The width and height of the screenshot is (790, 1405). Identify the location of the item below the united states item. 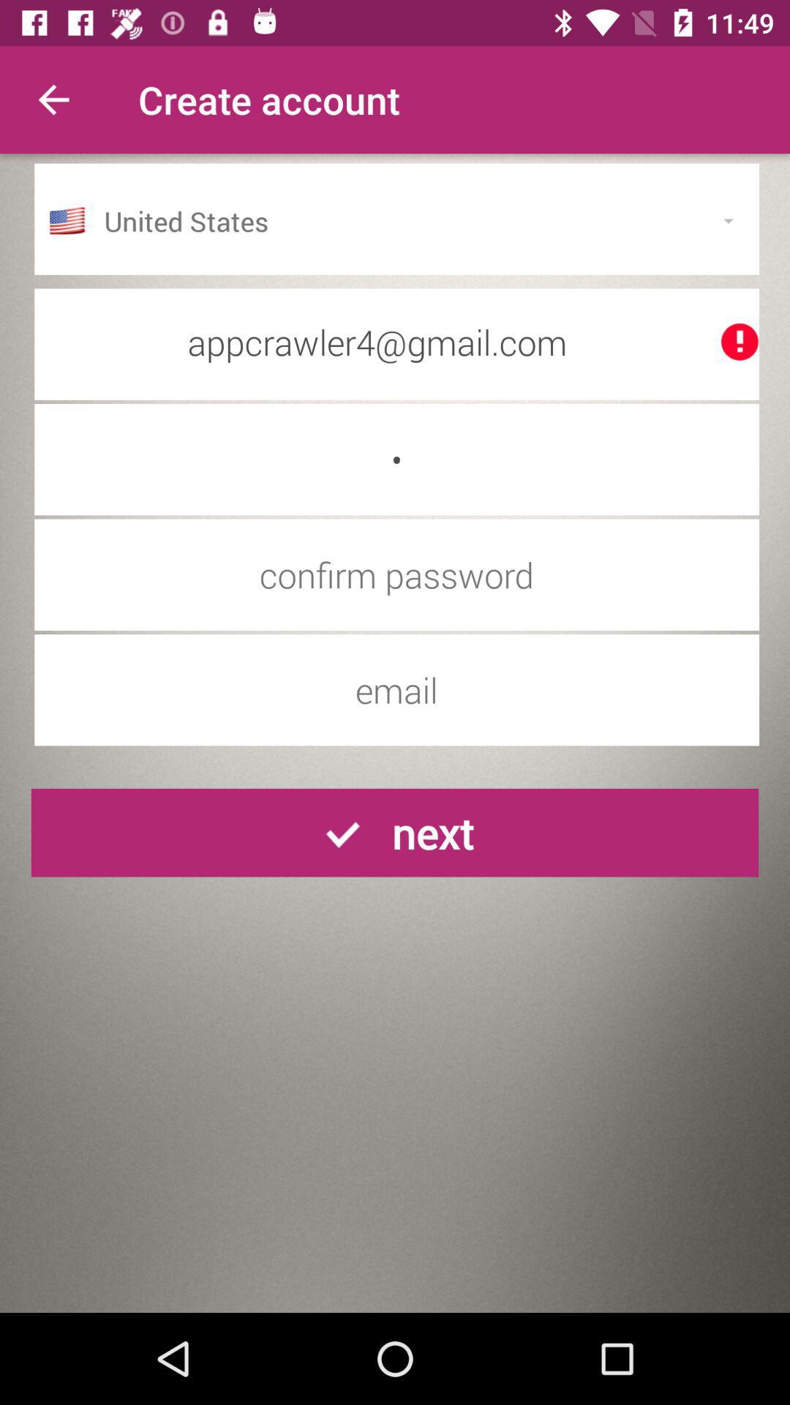
(396, 341).